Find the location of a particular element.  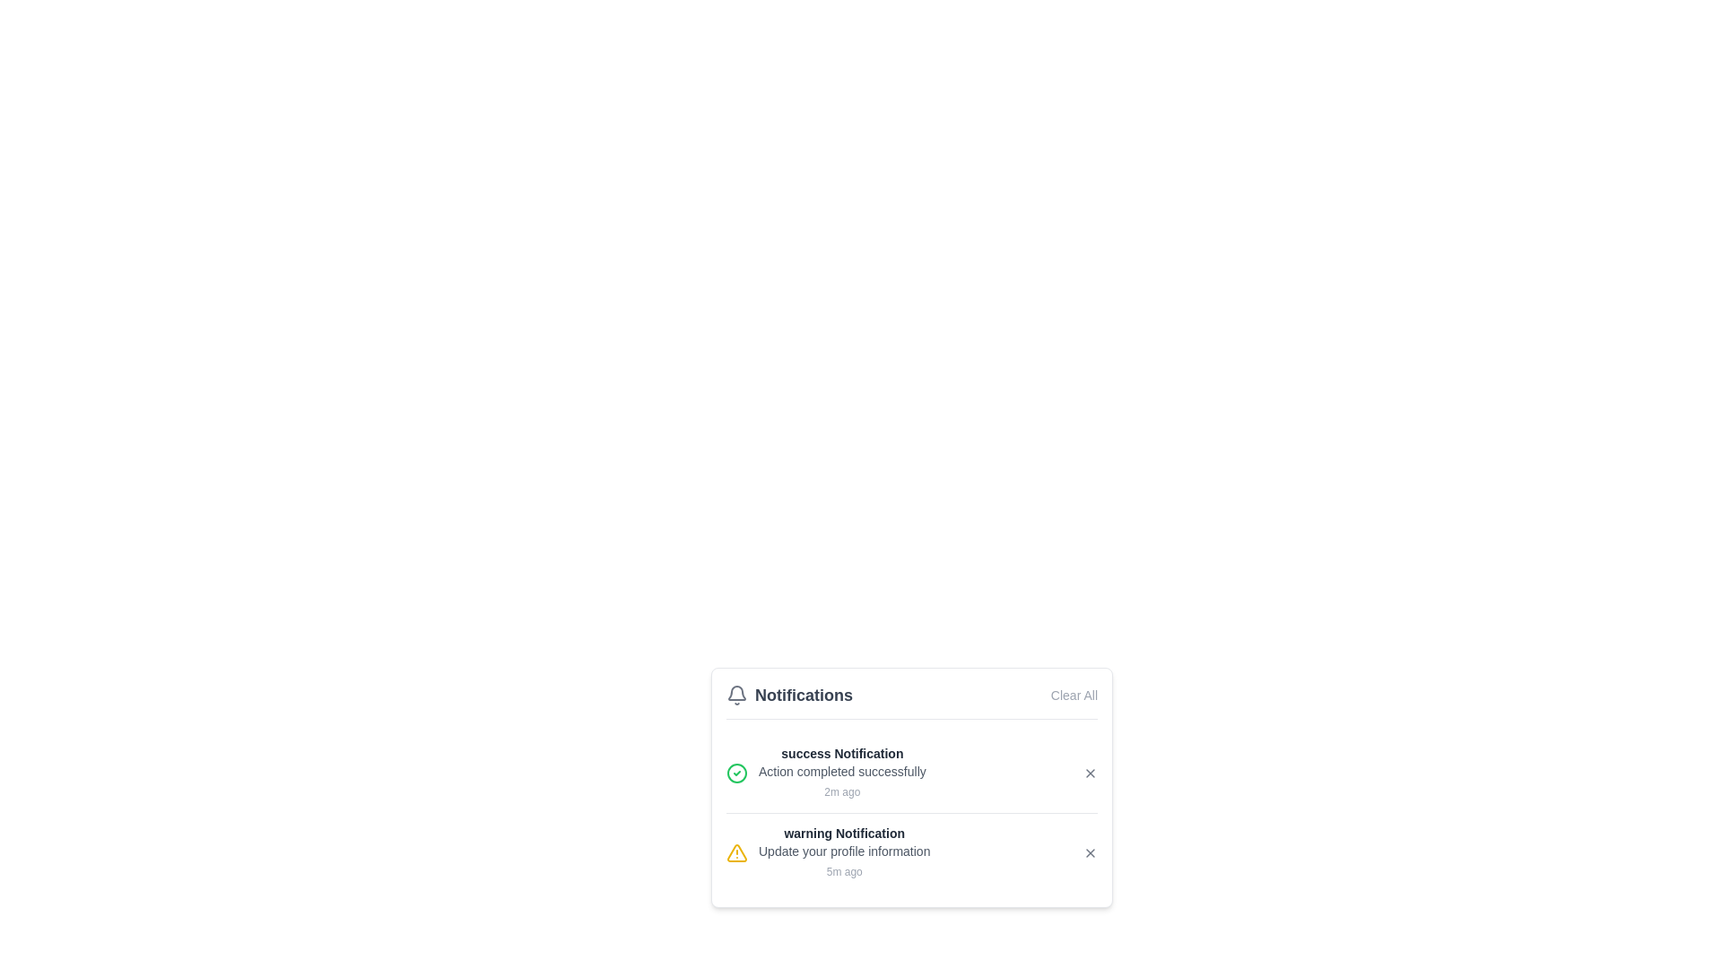

the text label displaying 'success Notification' in the Notifications section, which is styled in bold dark gray and is the title of the first notification entry is located at coordinates (841, 753).